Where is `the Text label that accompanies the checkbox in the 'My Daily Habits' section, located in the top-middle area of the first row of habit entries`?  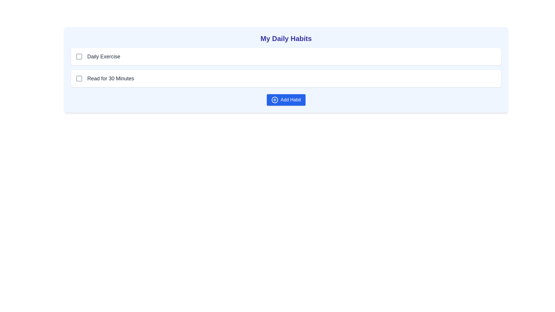 the Text label that accompanies the checkbox in the 'My Daily Habits' section, located in the top-middle area of the first row of habit entries is located at coordinates (104, 57).